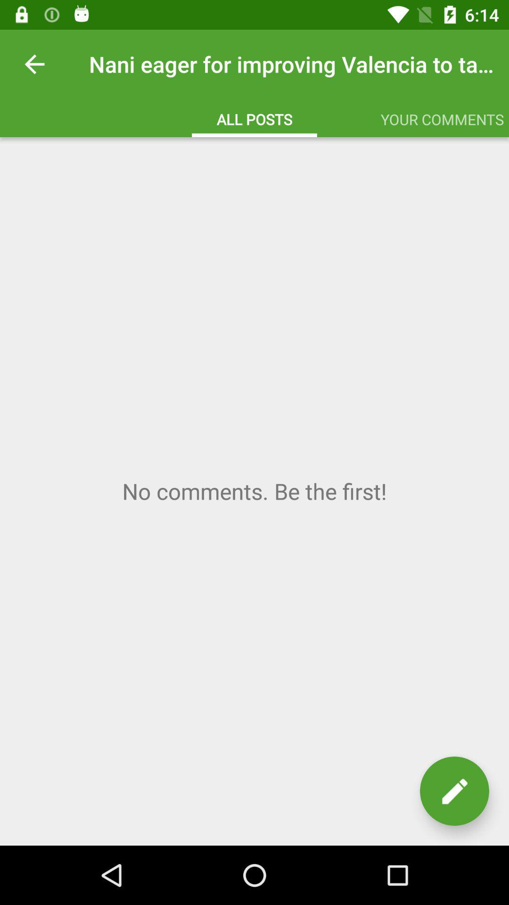 This screenshot has width=509, height=905. I want to click on item at the bottom right corner, so click(454, 791).